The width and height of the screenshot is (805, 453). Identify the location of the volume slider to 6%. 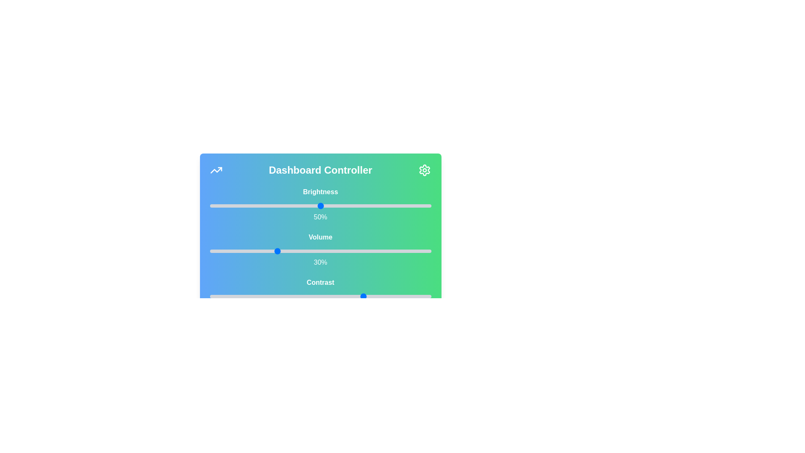
(223, 250).